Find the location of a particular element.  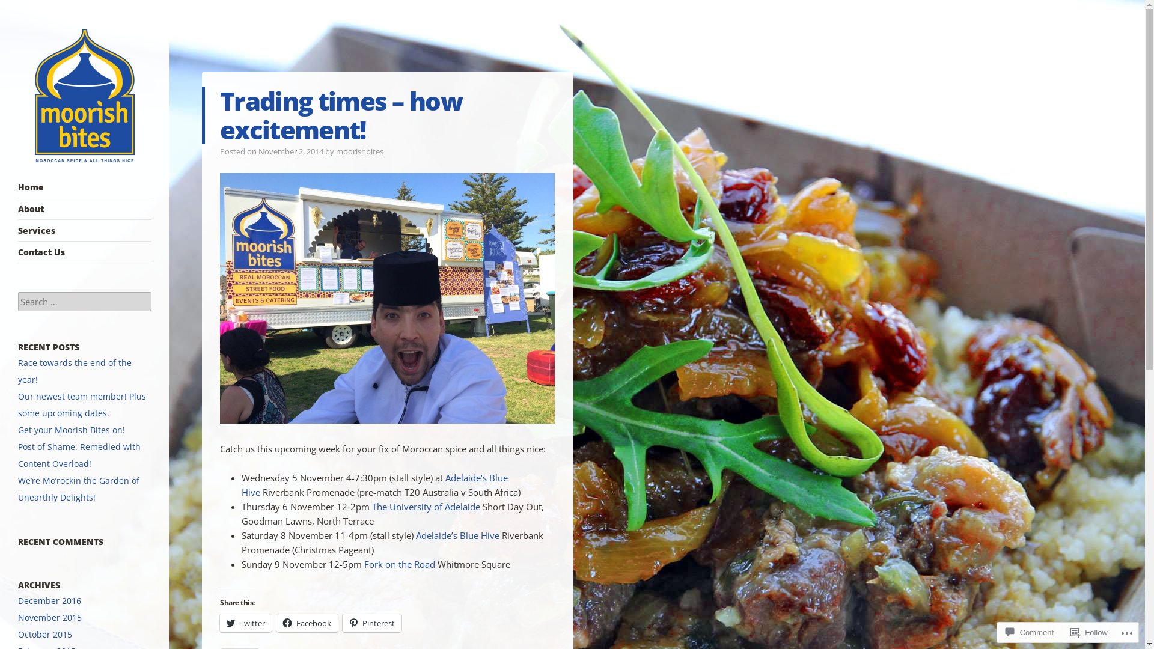

'December 2016' is located at coordinates (49, 600).